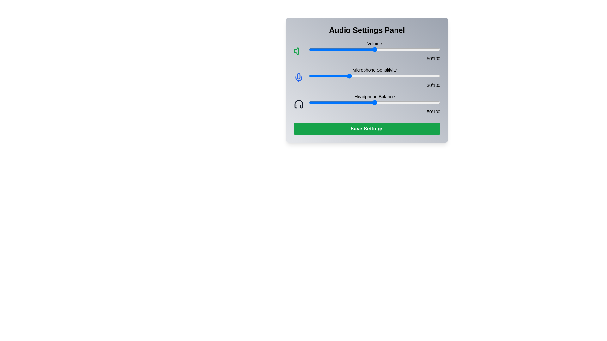 This screenshot has height=341, width=607. What do you see at coordinates (367, 129) in the screenshot?
I see `the green 'Save Settings' button` at bounding box center [367, 129].